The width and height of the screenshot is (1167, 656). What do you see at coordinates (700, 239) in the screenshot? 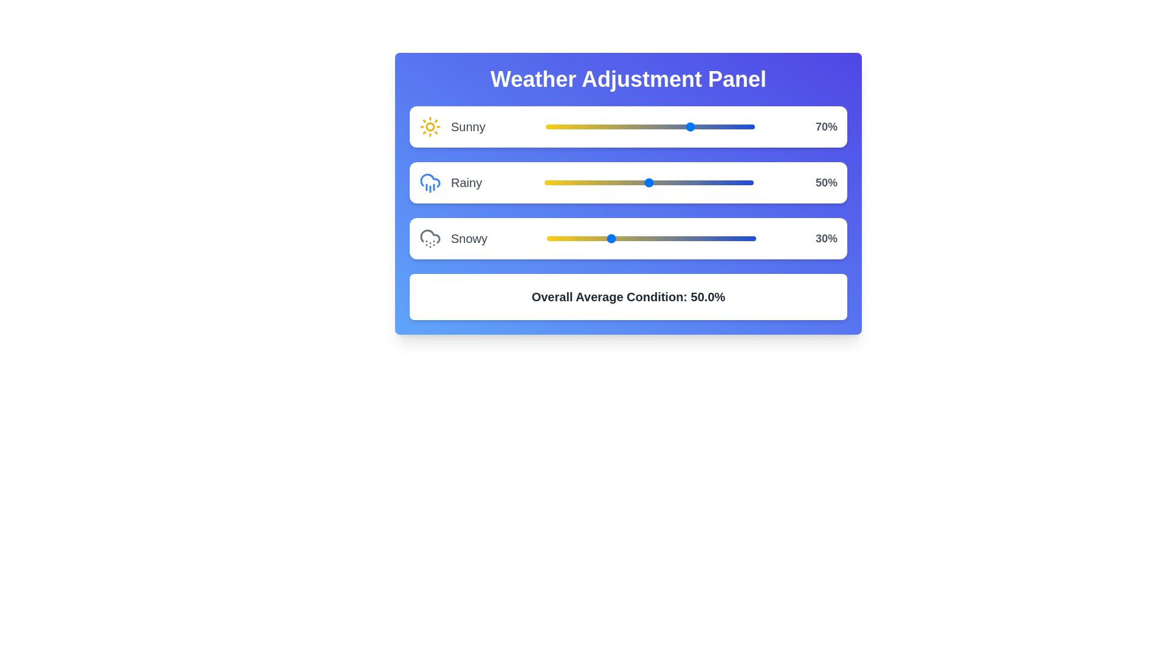
I see `the value of the slider` at bounding box center [700, 239].